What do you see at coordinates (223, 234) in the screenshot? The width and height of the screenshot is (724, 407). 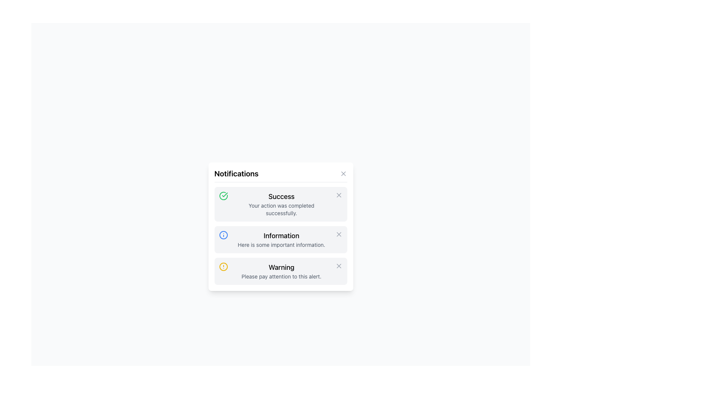 I see `the circular blue information icon located in the notification panel, adjacent to the 'Information' label` at bounding box center [223, 234].